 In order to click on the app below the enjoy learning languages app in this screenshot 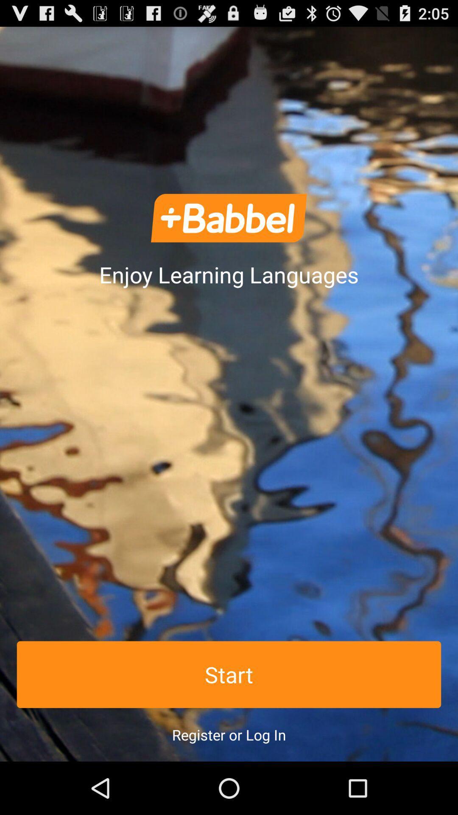, I will do `click(229, 674)`.